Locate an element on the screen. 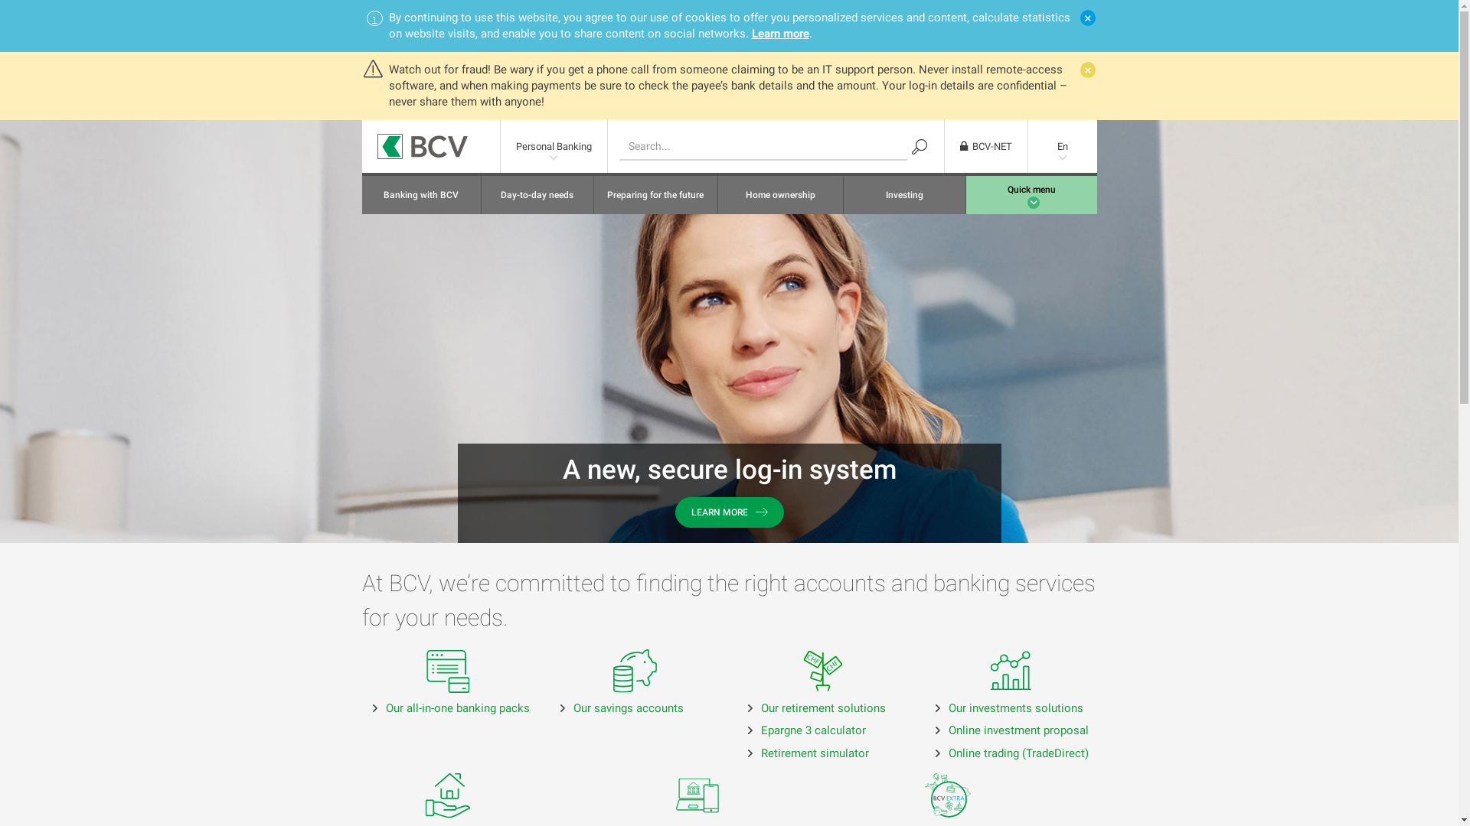  'Our investments solutions' is located at coordinates (1014, 707).